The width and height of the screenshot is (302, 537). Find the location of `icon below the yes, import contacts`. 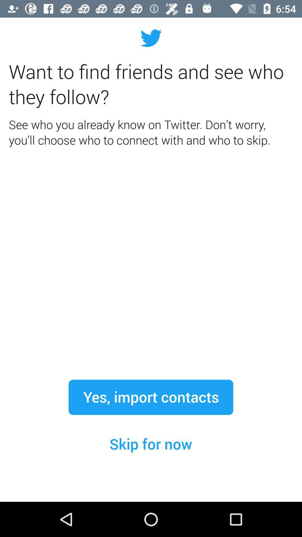

icon below the yes, import contacts is located at coordinates (150, 444).